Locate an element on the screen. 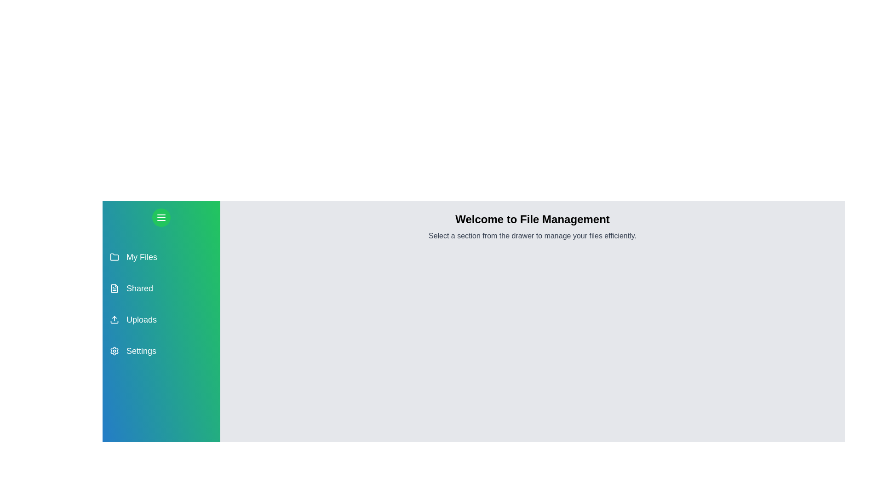 This screenshot has width=883, height=497. the section Shared in the drawer to observe its hover effect is located at coordinates (161, 288).